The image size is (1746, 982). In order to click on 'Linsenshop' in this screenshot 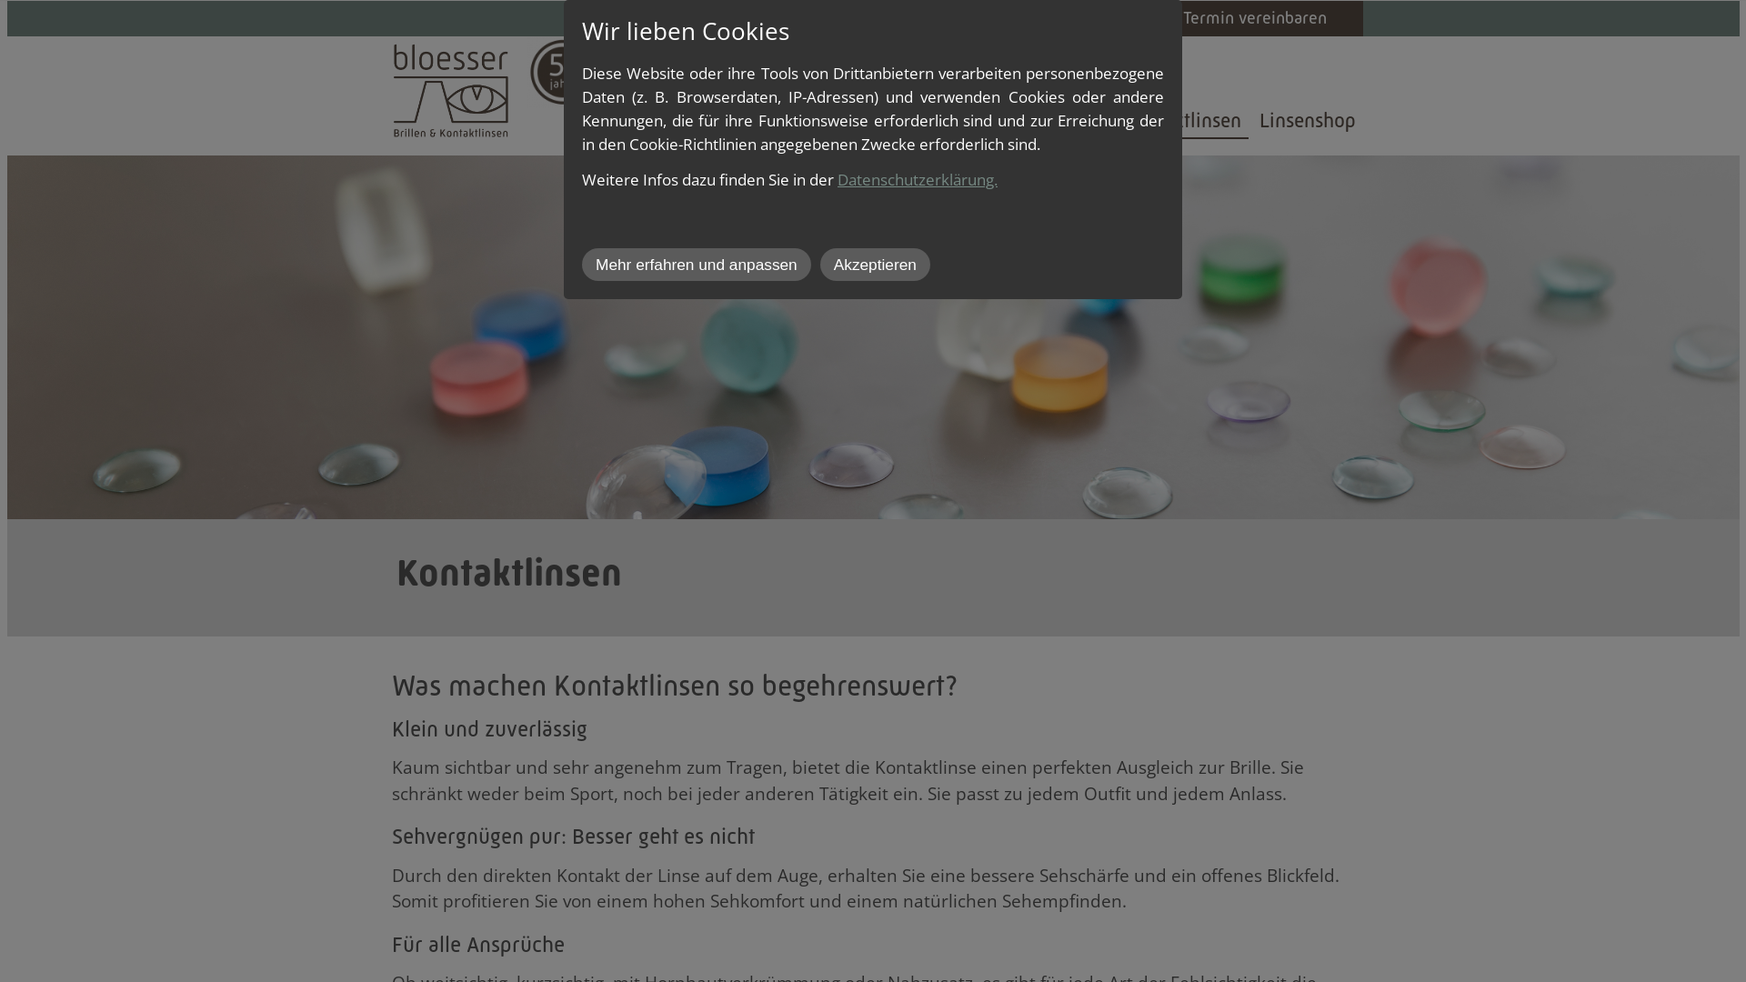, I will do `click(1251, 119)`.